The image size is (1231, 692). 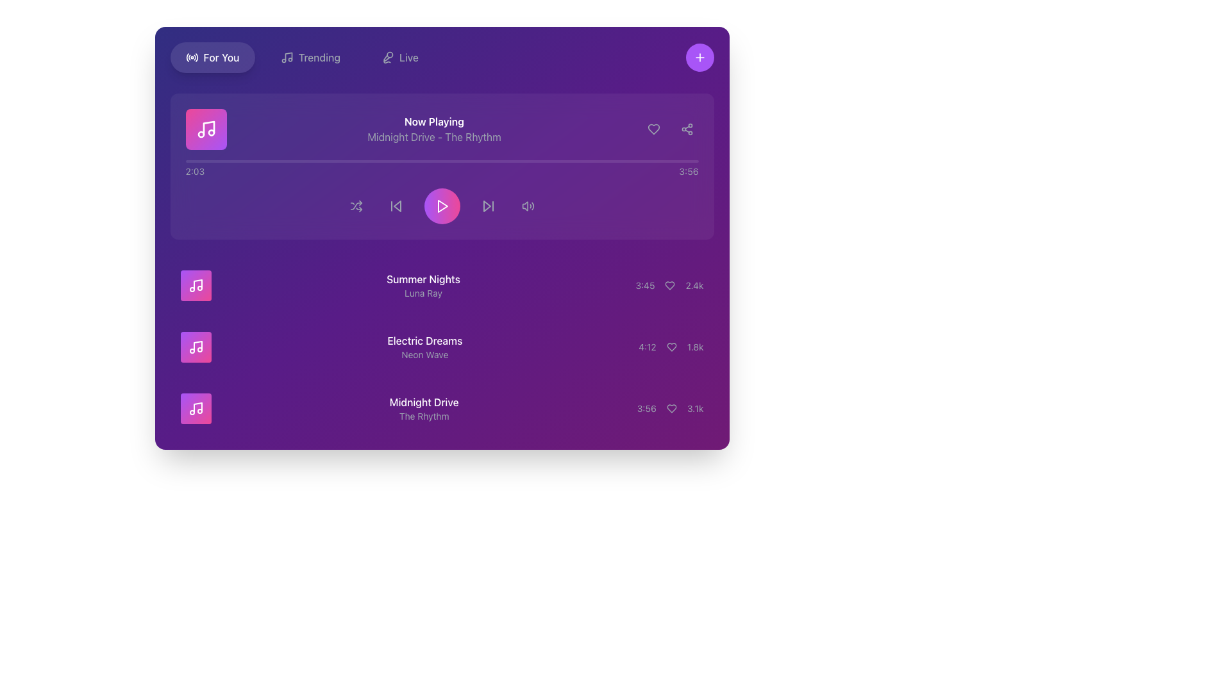 What do you see at coordinates (319, 56) in the screenshot?
I see `the 'Trending' text label located in the upper navigation area, positioned between a music icon and a 'Live' text label` at bounding box center [319, 56].